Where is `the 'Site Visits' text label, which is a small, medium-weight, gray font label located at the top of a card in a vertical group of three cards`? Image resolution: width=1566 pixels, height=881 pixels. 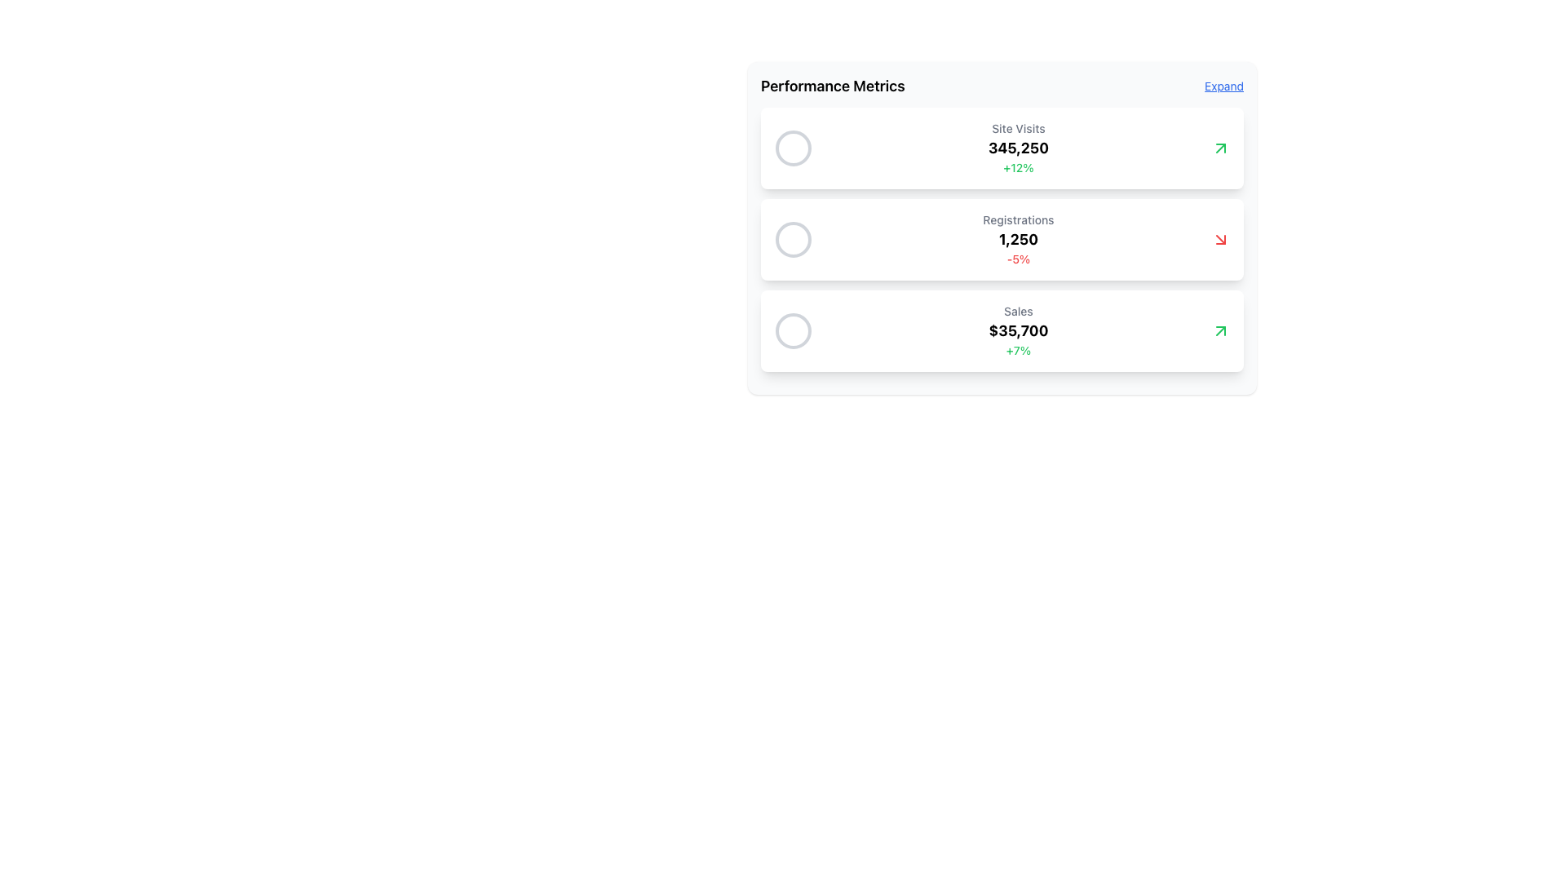
the 'Site Visits' text label, which is a small, medium-weight, gray font label located at the top of a card in a vertical group of three cards is located at coordinates (1017, 128).